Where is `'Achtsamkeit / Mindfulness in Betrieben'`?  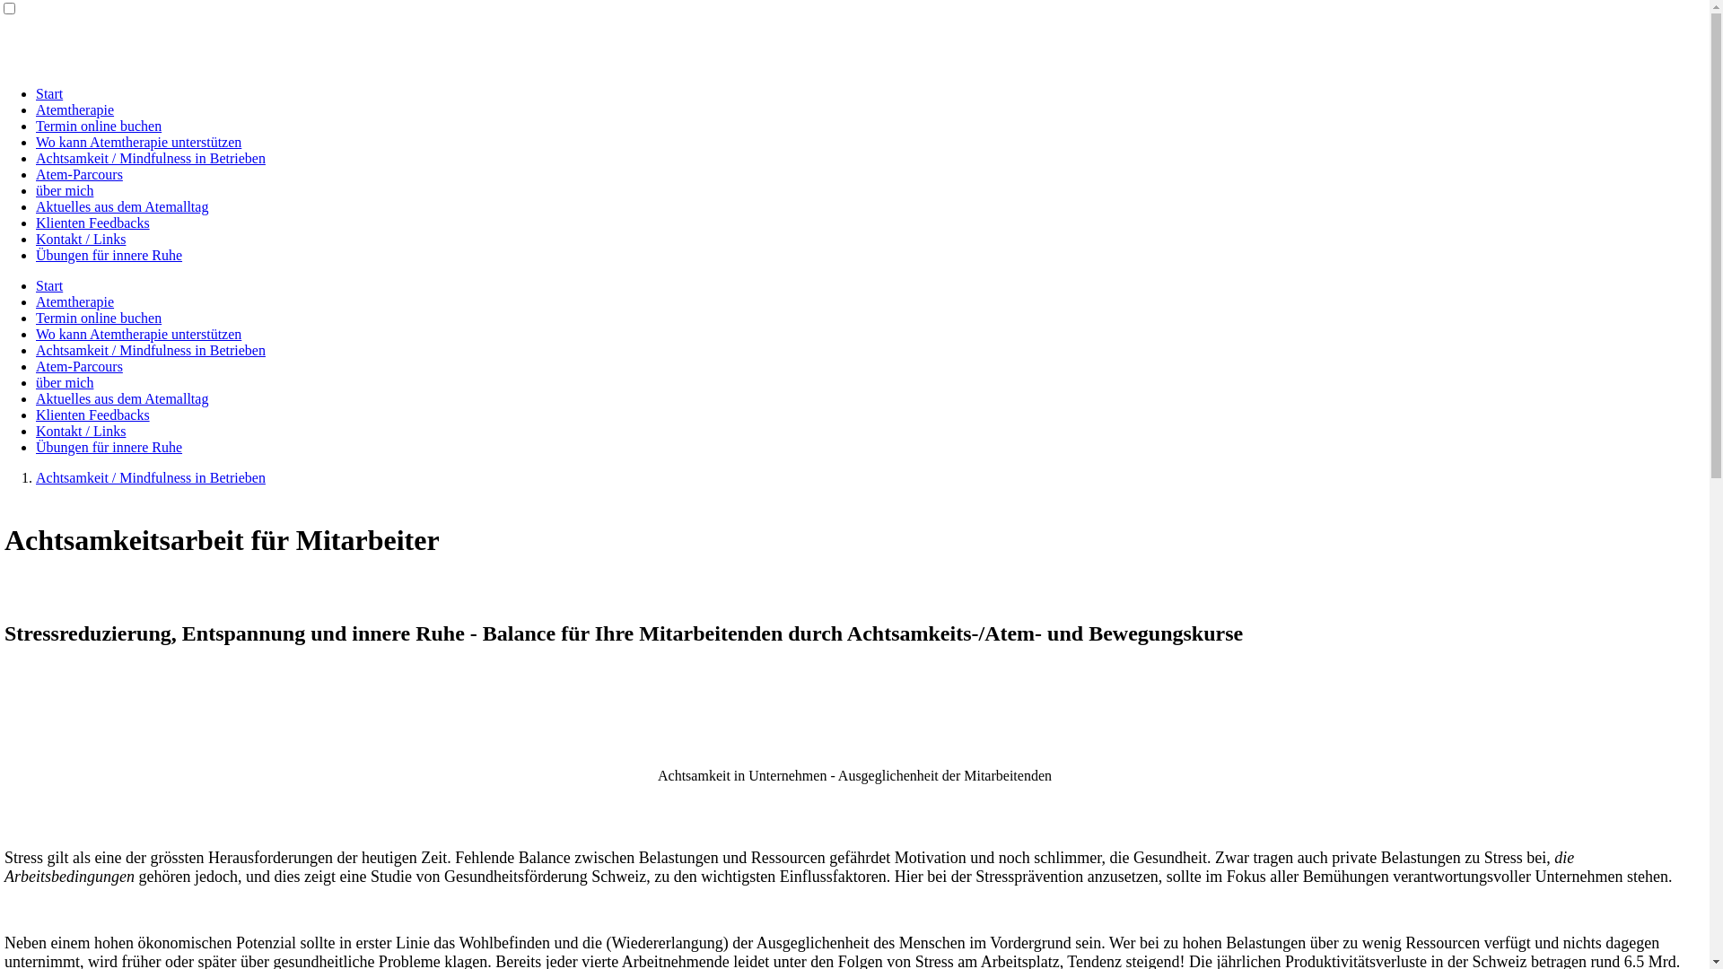 'Achtsamkeit / Mindfulness in Betrieben' is located at coordinates (151, 476).